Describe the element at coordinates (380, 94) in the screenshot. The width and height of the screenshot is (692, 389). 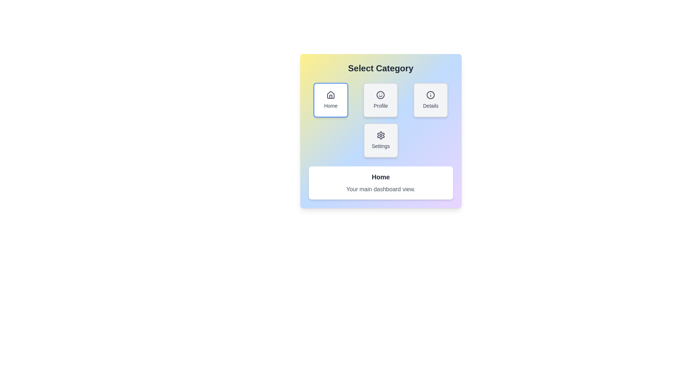
I see `the 'Profile' button icon, which is the second button from the left in the top row of a 2x2 grid, serving as a visual indication for user profile features` at that location.